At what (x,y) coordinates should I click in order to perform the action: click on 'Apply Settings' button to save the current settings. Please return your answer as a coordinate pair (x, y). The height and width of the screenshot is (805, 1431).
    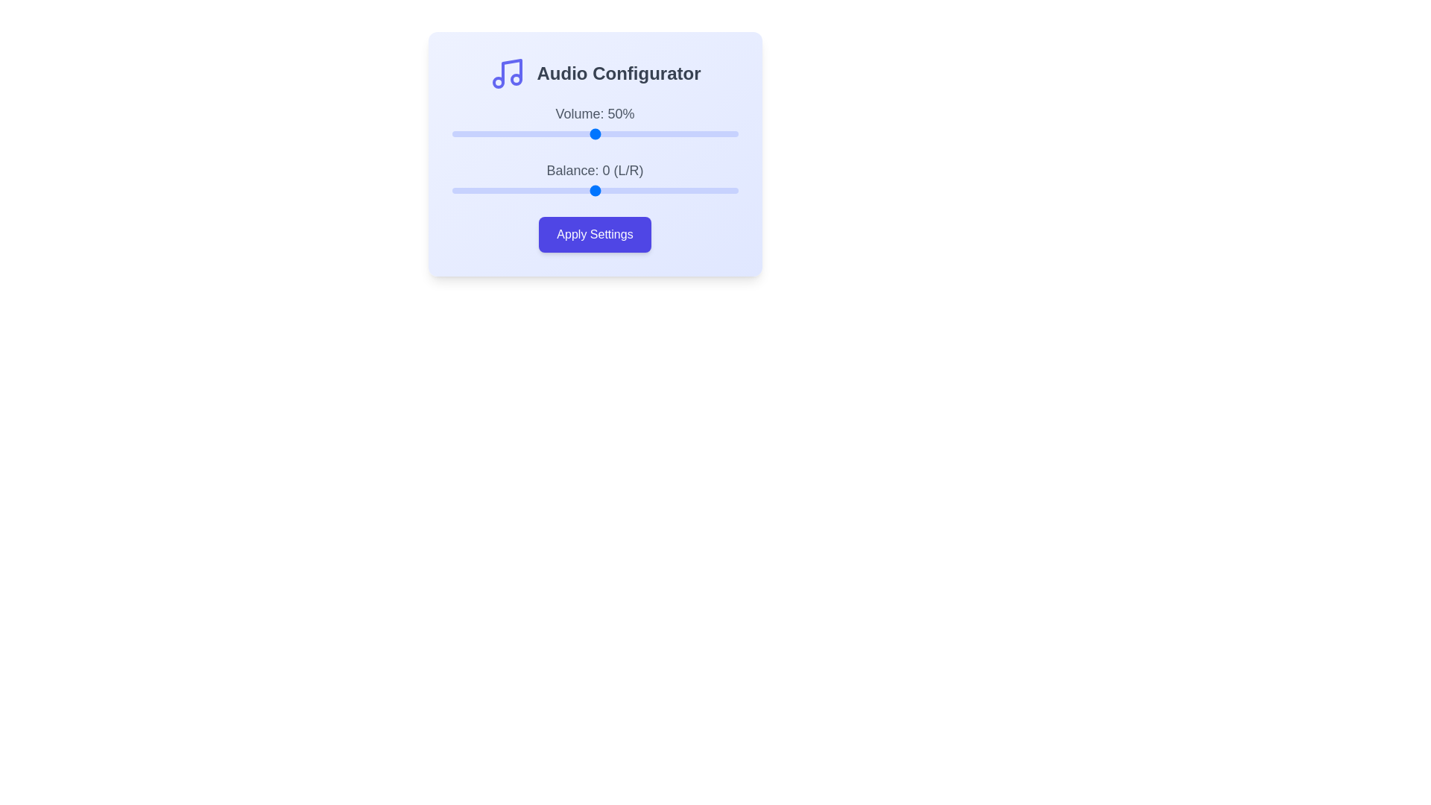
    Looking at the image, I should click on (594, 235).